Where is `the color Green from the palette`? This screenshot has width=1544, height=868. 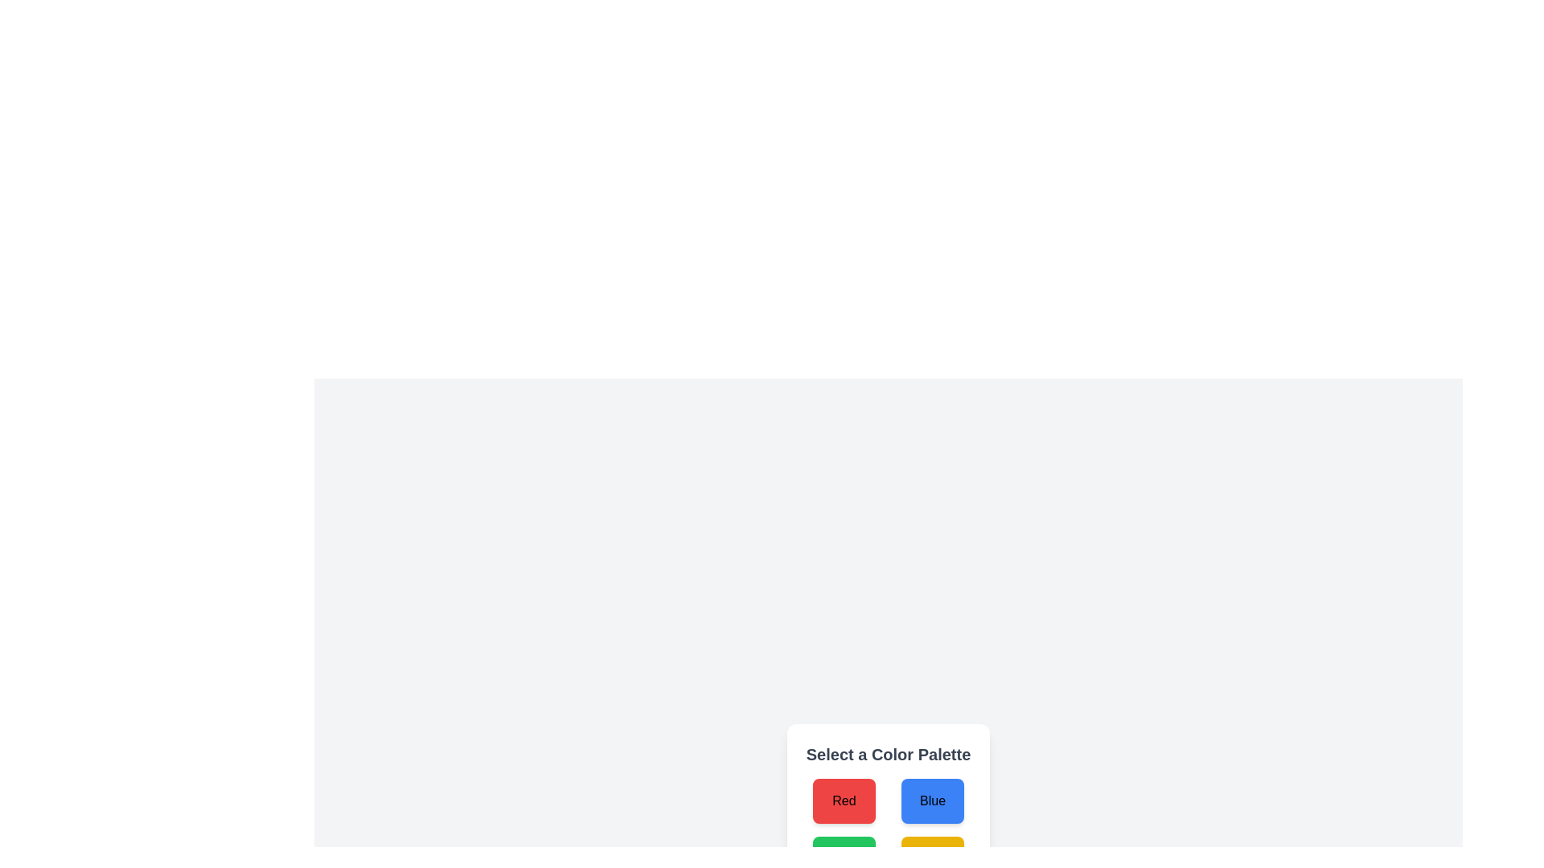
the color Green from the palette is located at coordinates (843, 858).